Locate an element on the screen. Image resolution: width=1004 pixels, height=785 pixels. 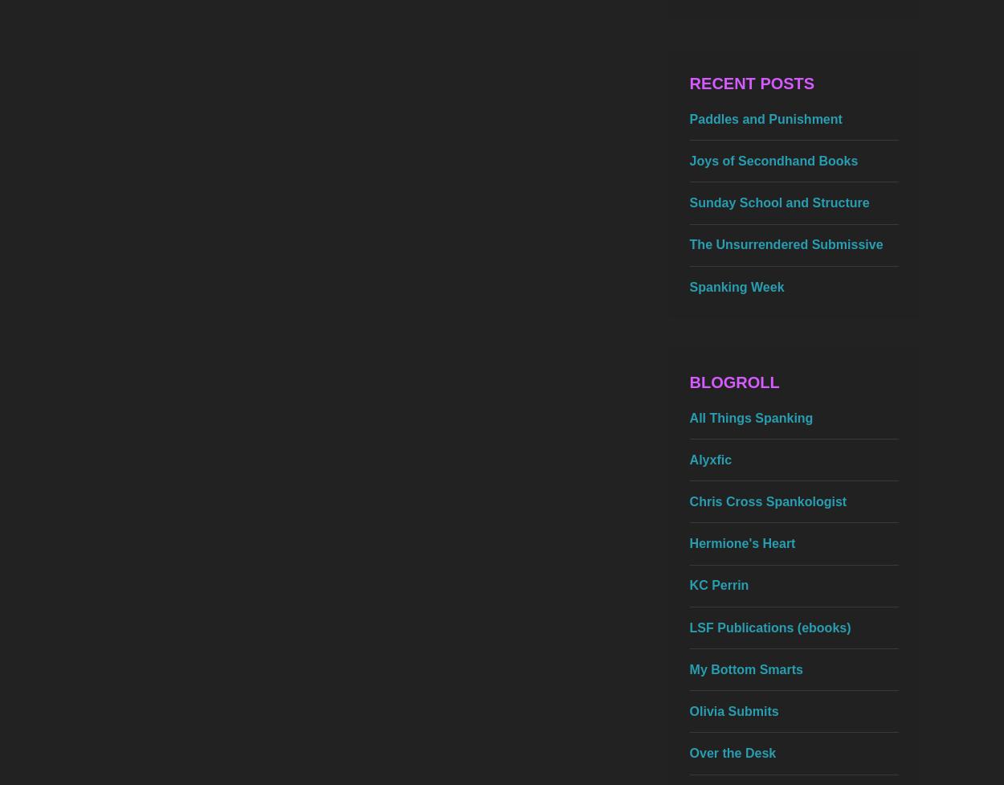
'Over the Desk' is located at coordinates (733, 752).